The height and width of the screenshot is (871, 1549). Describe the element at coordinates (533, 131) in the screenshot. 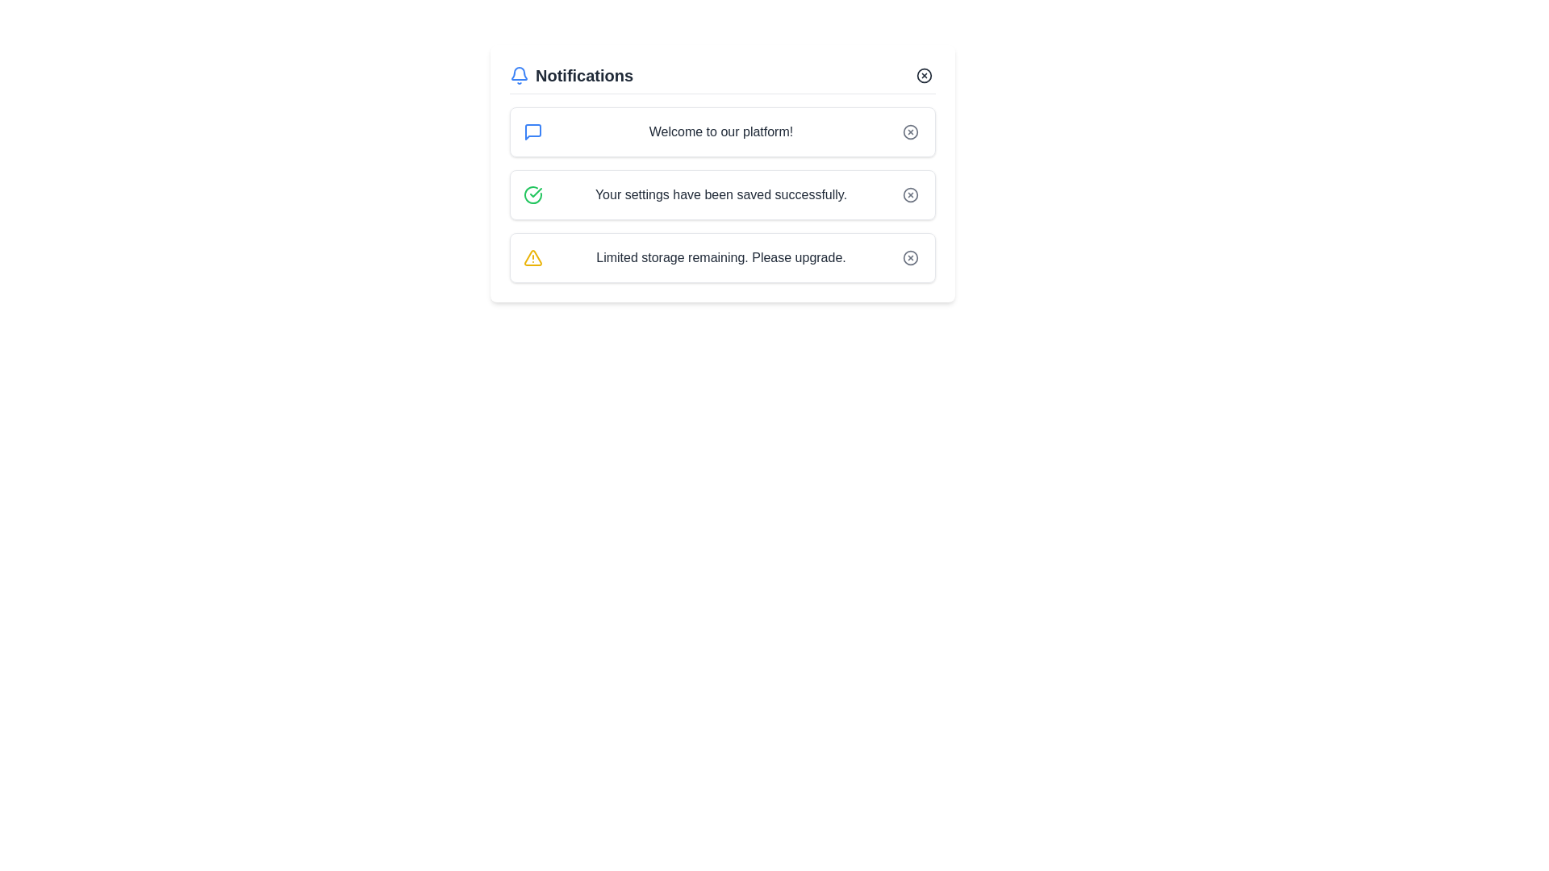

I see `the blue speech bubble icon, which is the first icon in a horizontal arrangement within the notification card that contains the text 'Welcome to our platform!'` at that location.